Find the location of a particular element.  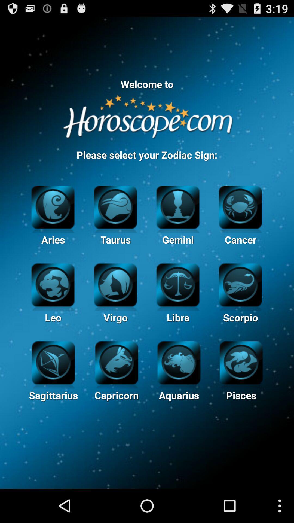

the image of scorpio is located at coordinates (240, 287).